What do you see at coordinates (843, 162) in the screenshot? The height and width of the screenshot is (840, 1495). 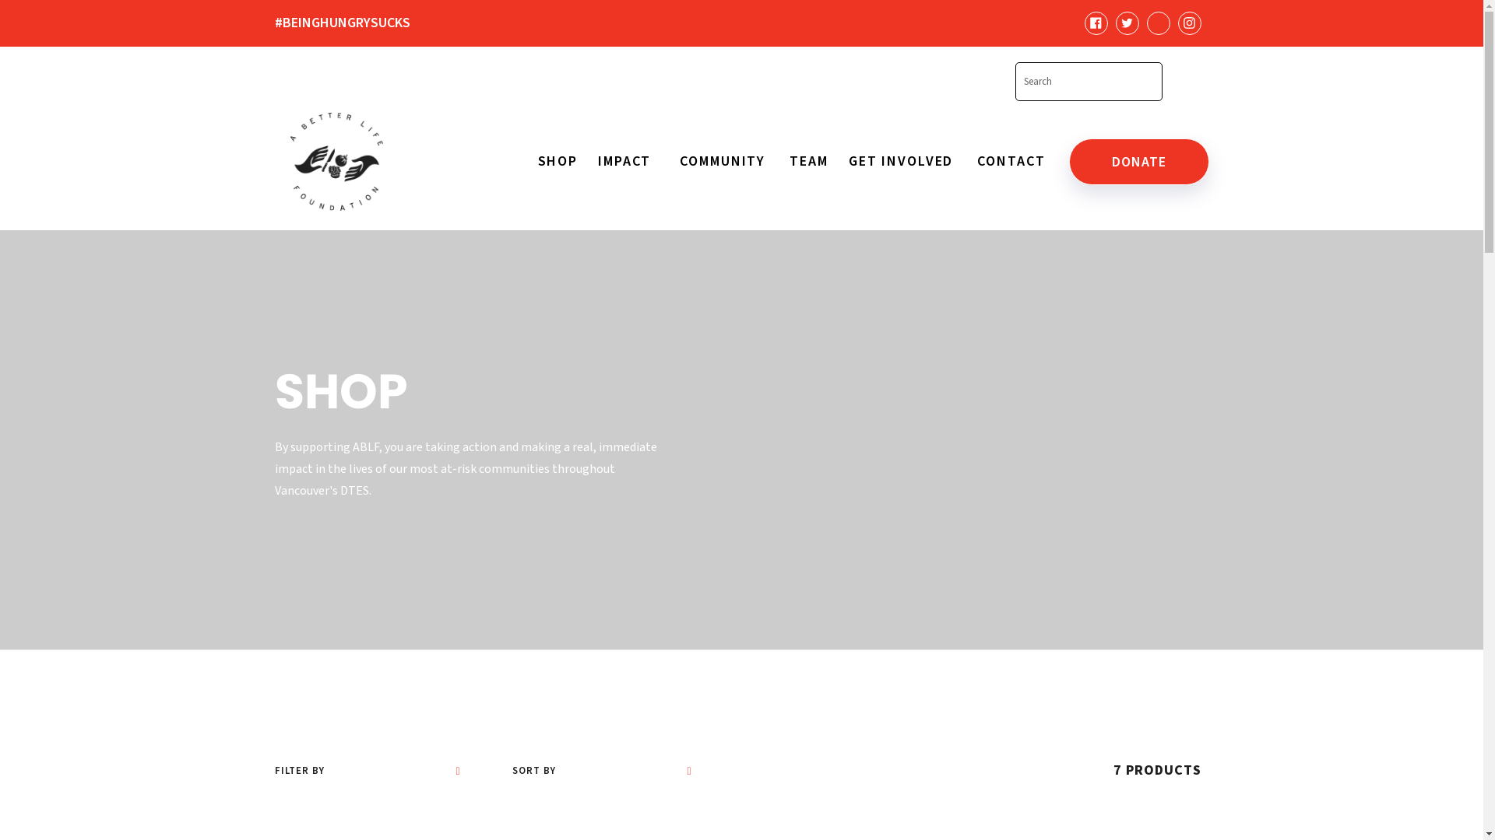 I see `'GET INVOLVED'` at bounding box center [843, 162].